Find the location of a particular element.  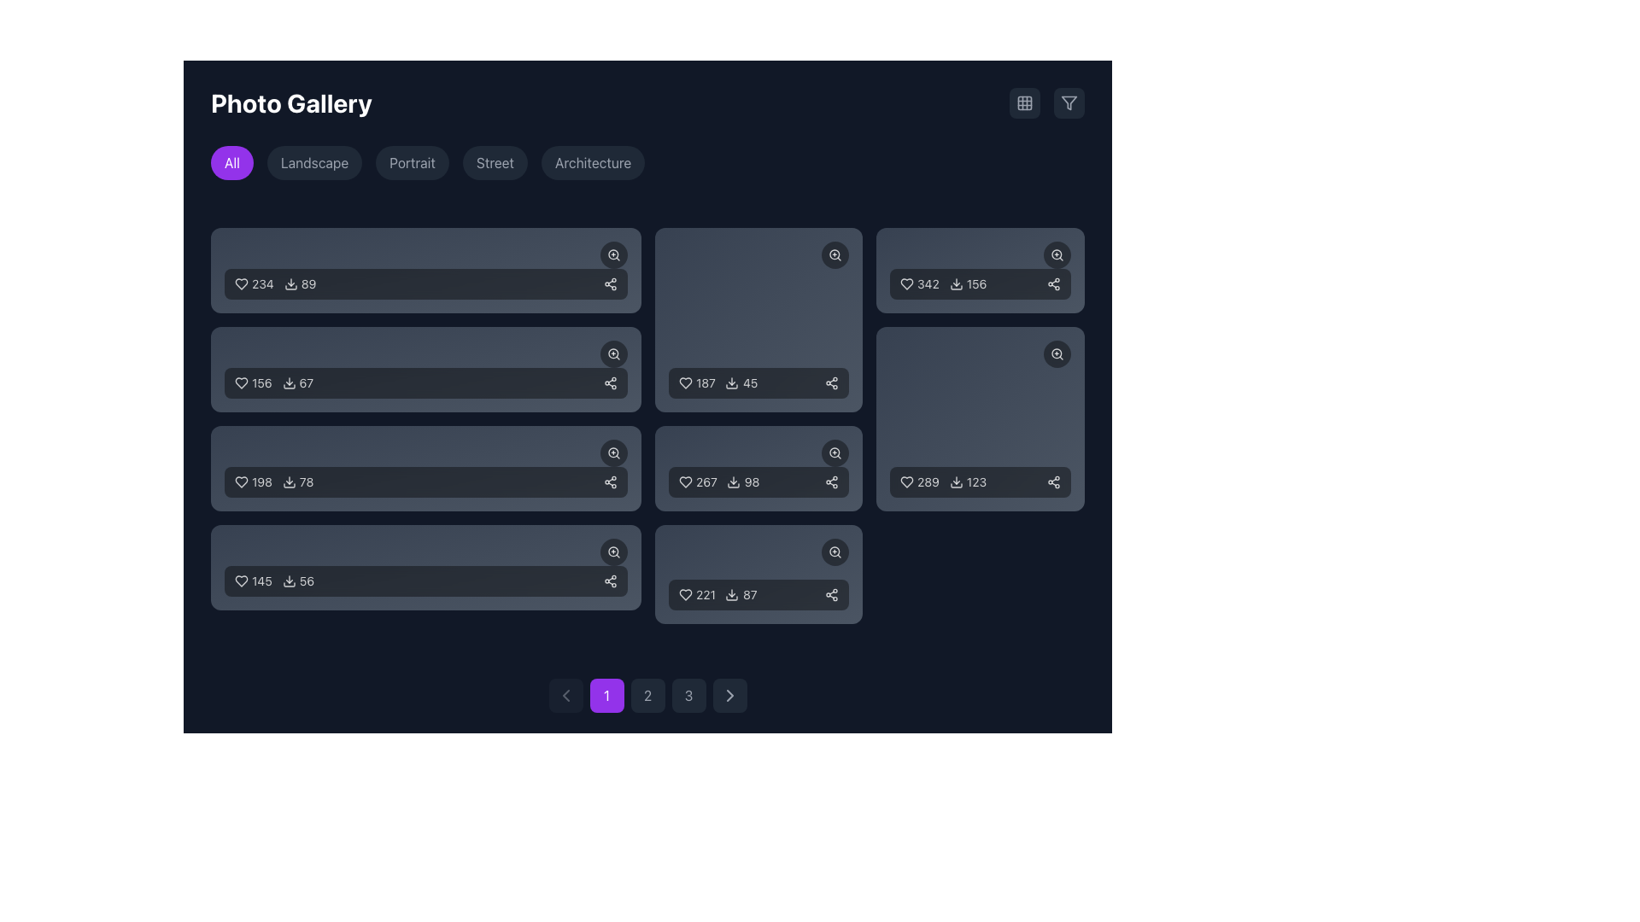

the 'Portrait' filter button located in the horizontal navigation bar below the 'Photo Gallery' header is located at coordinates (413, 163).